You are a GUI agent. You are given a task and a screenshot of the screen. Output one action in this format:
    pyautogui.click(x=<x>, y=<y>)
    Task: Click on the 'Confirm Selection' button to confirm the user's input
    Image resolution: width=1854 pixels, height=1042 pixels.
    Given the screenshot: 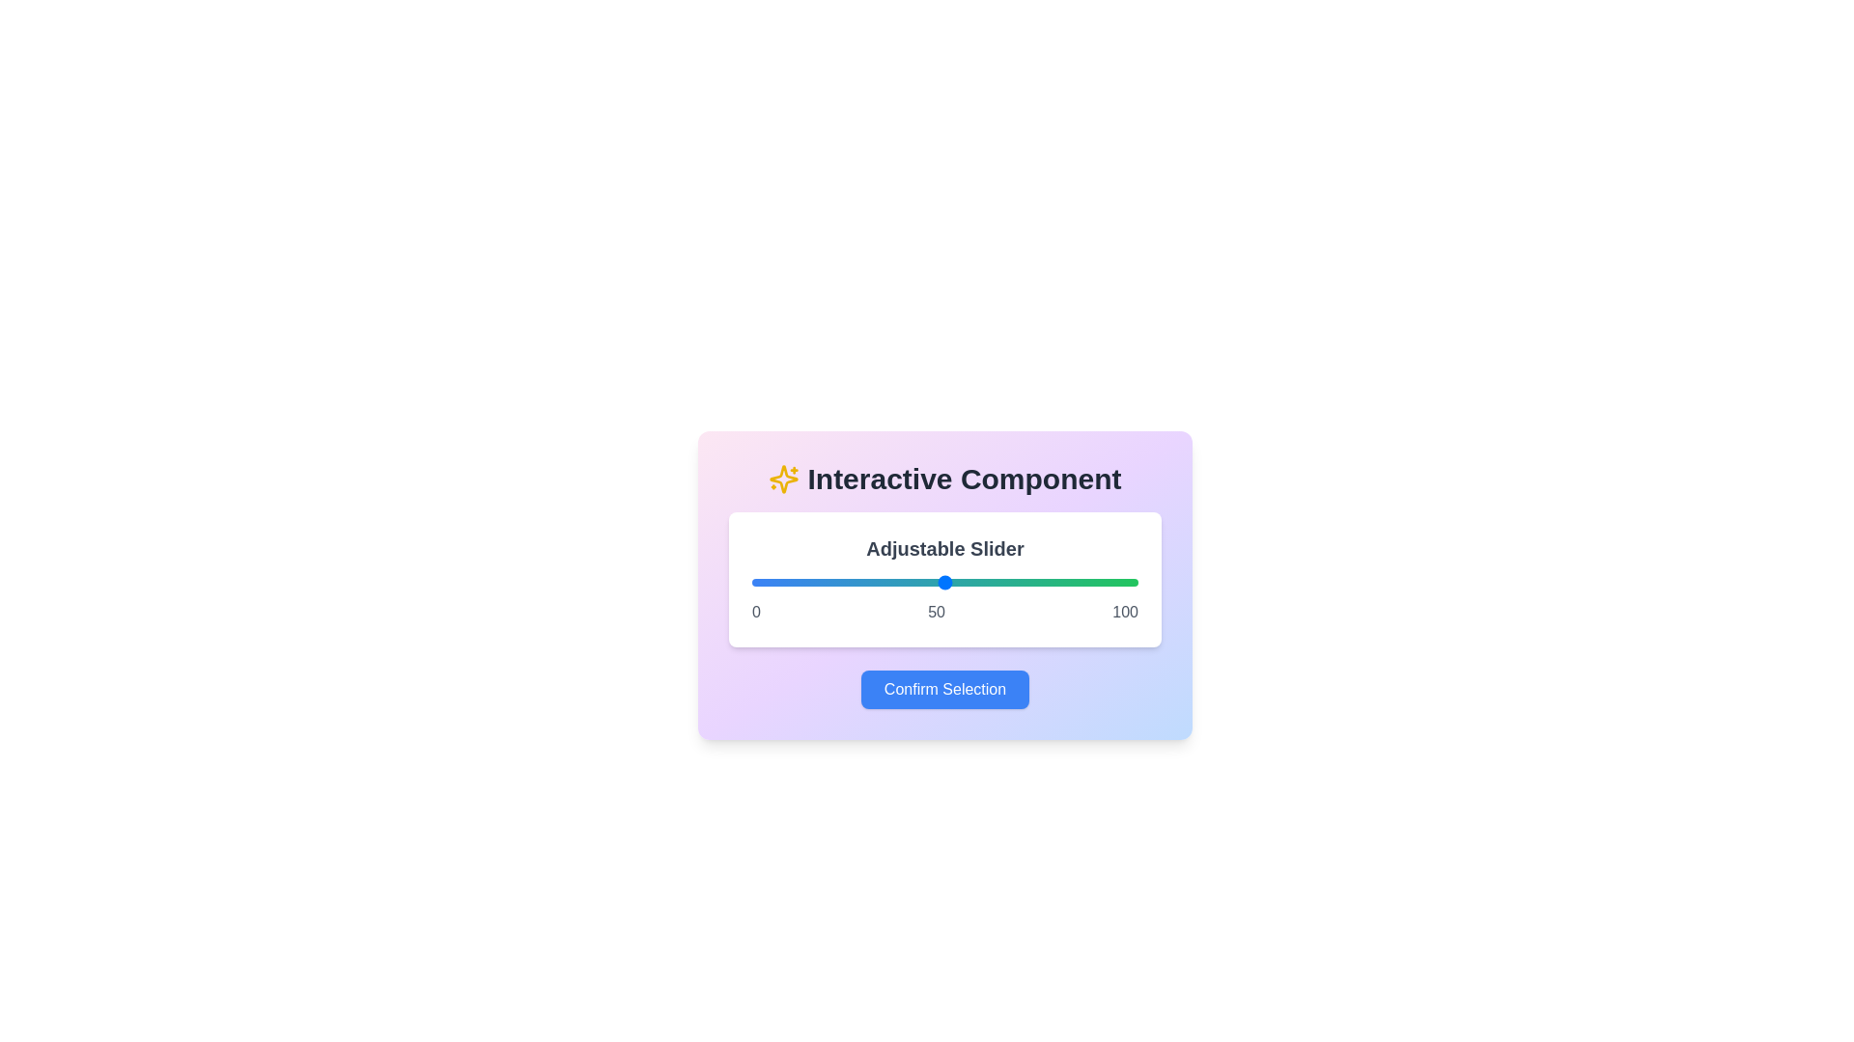 What is the action you would take?
    pyautogui.click(x=945, y=688)
    